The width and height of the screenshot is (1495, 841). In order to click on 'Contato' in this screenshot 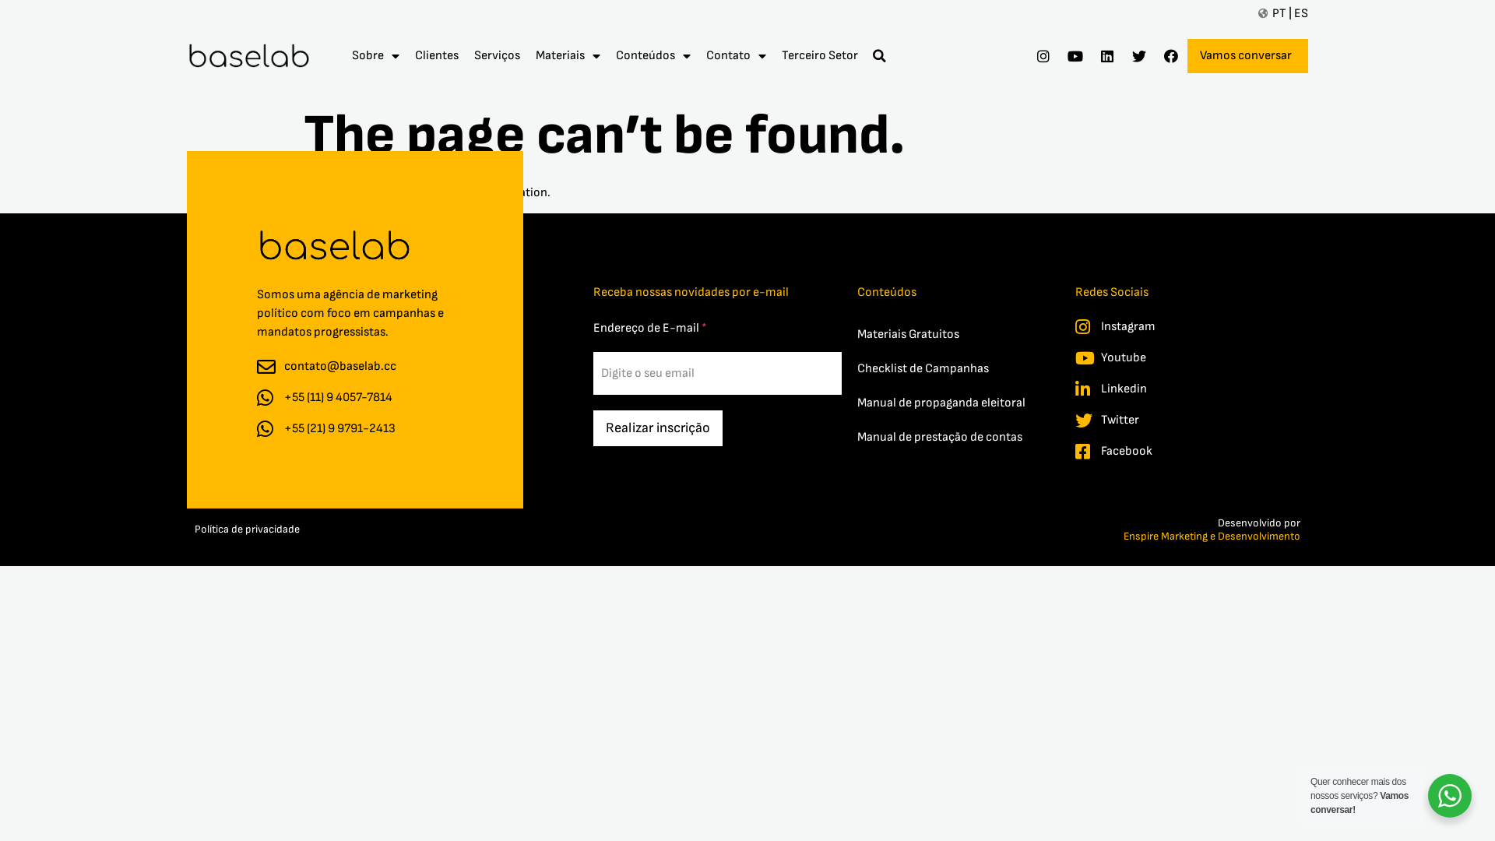, I will do `click(735, 55)`.